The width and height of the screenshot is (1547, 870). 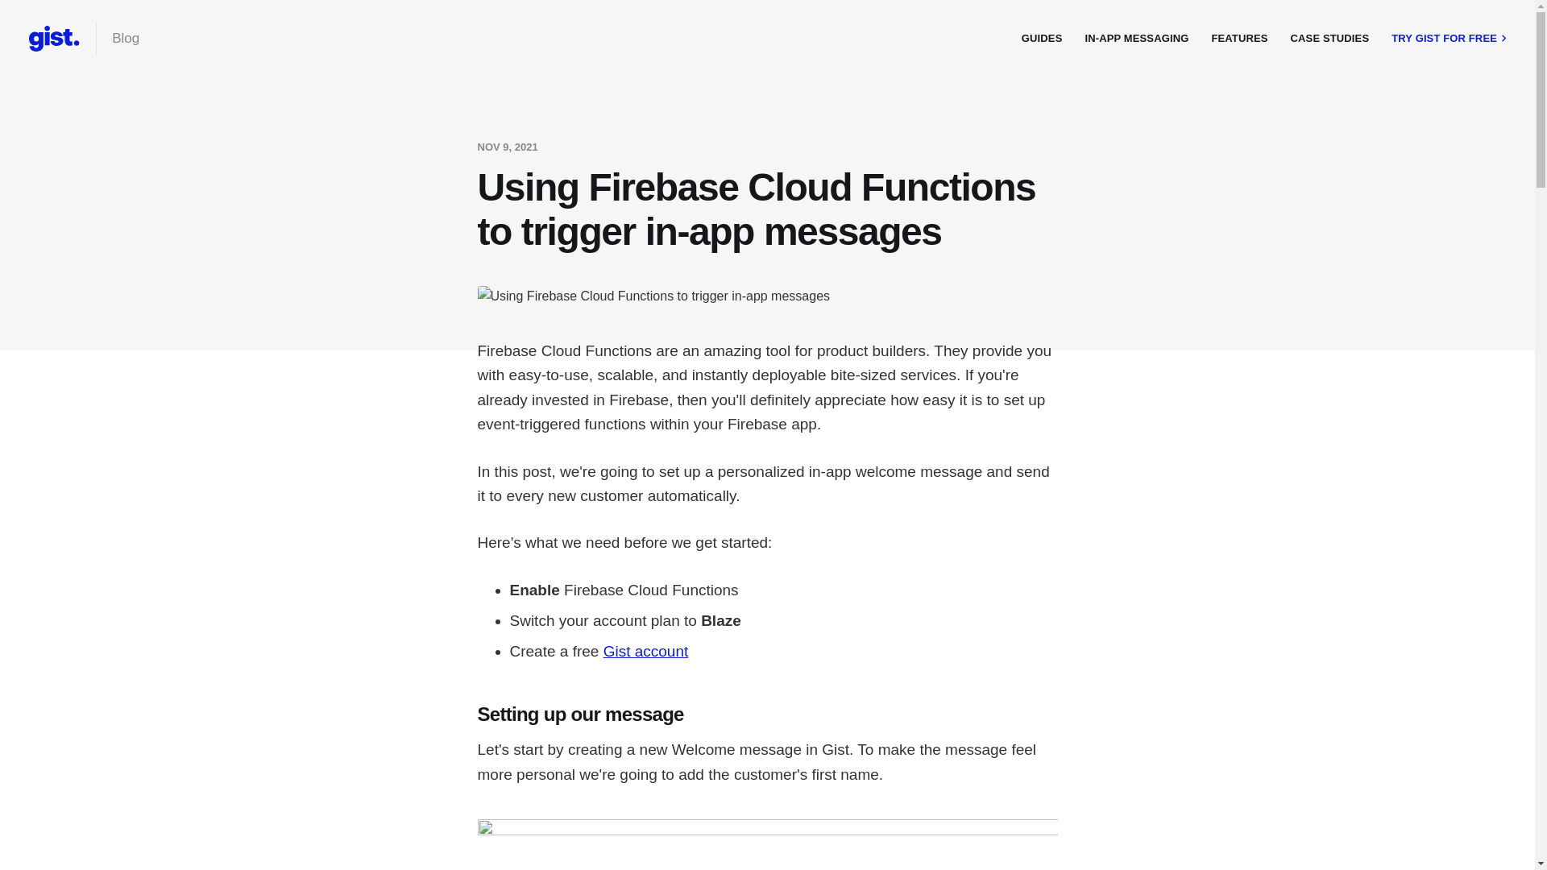 I want to click on 'Gist account', so click(x=645, y=650).